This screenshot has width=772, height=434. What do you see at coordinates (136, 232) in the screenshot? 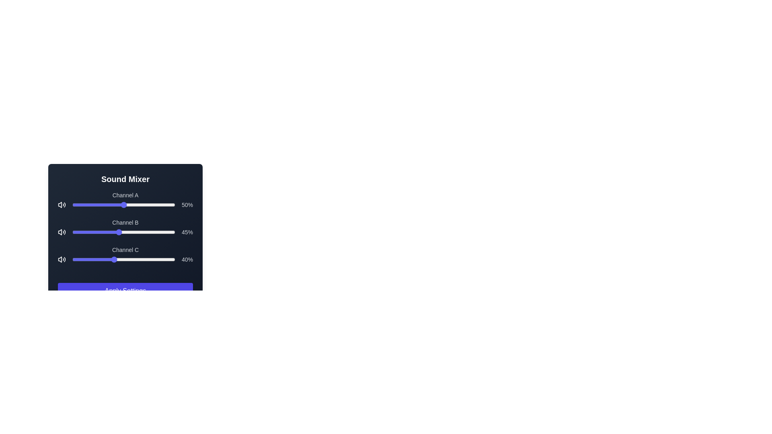
I see `the Channel B volume` at bounding box center [136, 232].